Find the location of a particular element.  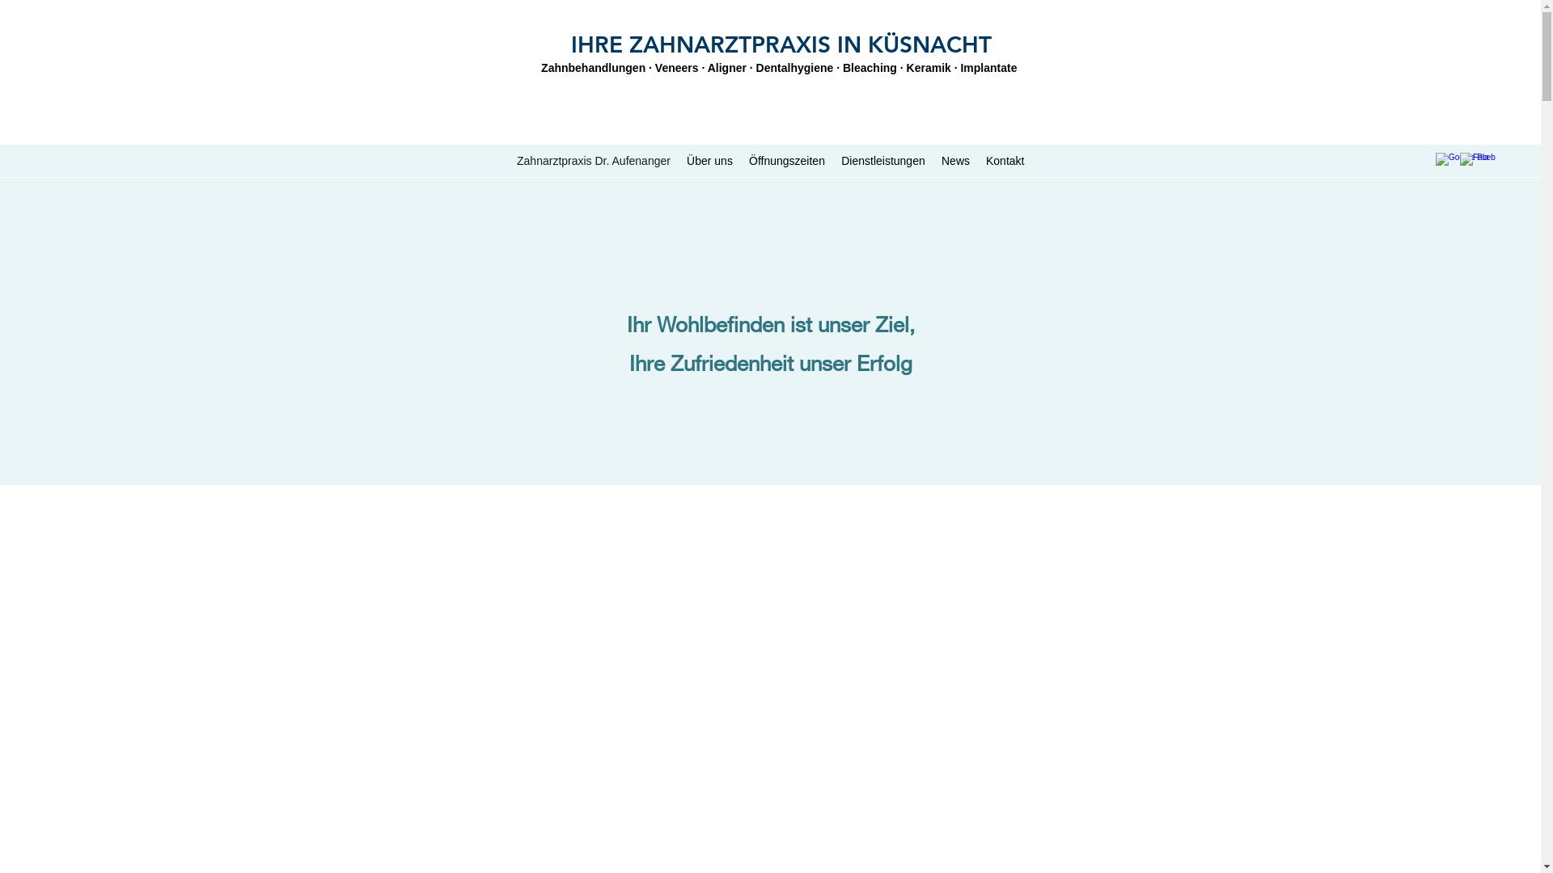

'Zahnarztpraxis Dr. Aufenanger' is located at coordinates (593, 161).